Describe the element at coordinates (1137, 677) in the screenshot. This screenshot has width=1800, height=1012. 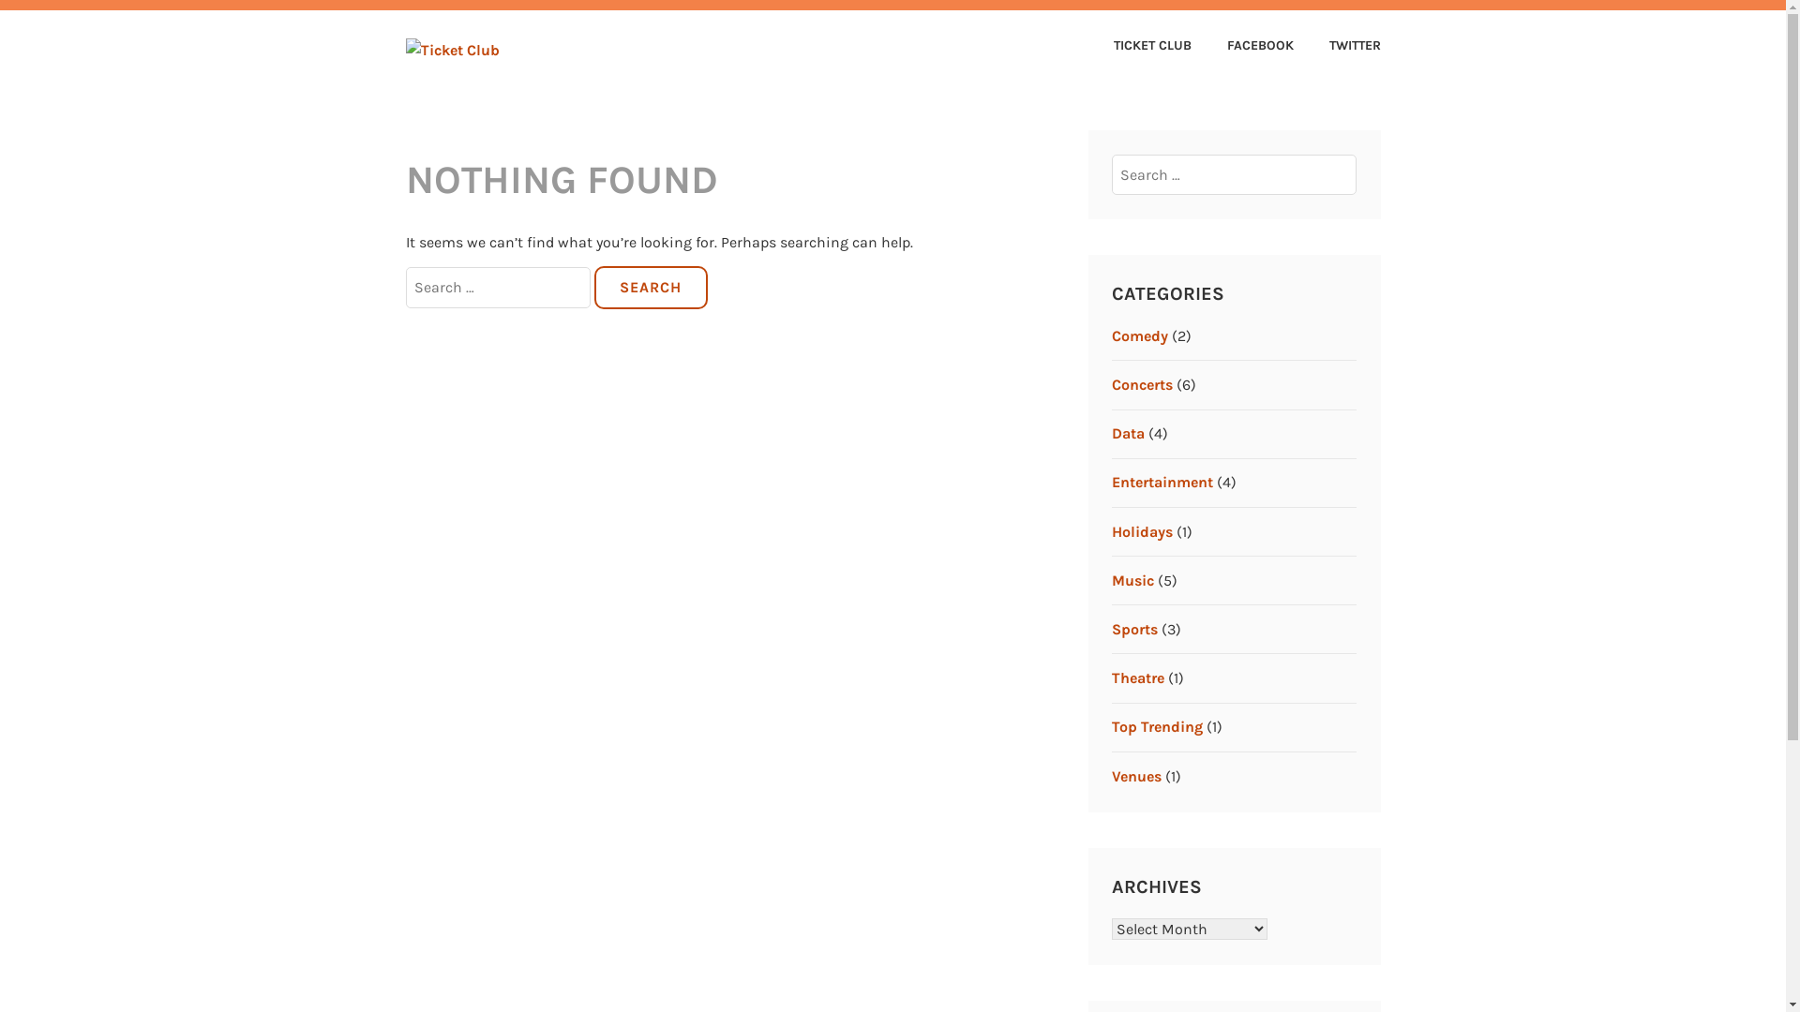
I see `'Theatre'` at that location.